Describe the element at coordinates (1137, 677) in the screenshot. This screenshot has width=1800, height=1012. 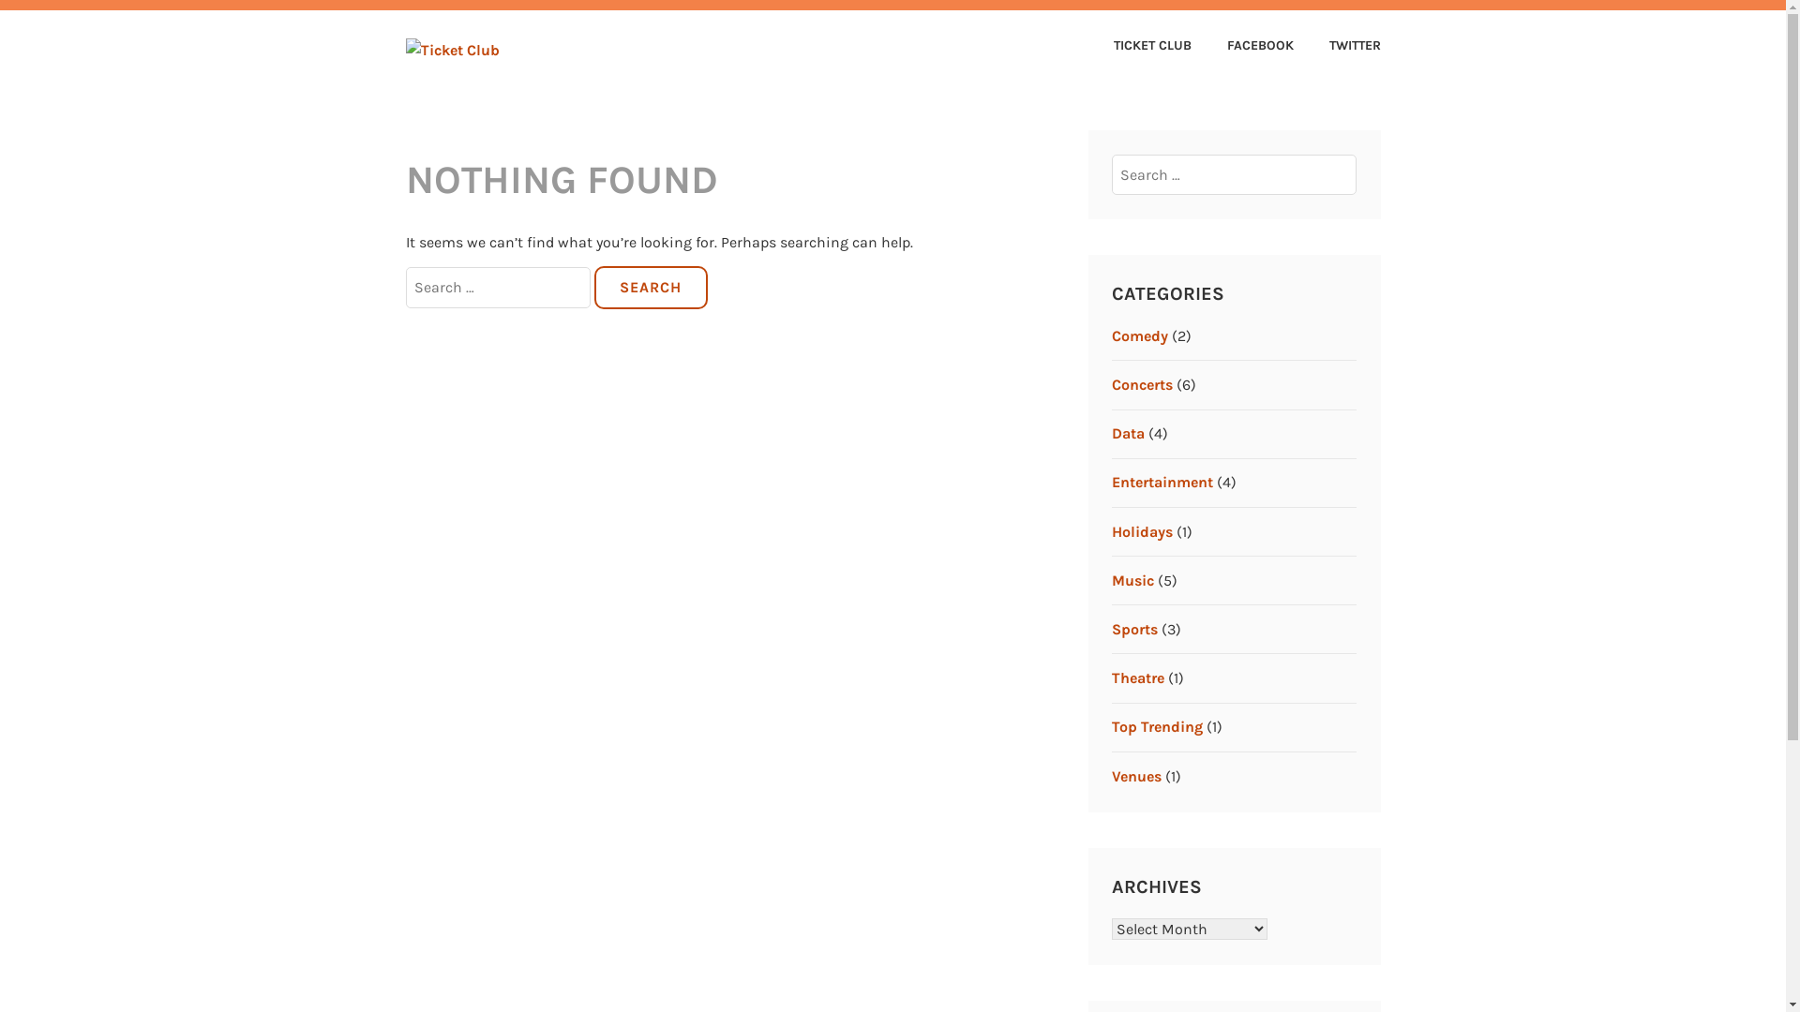
I see `'Theatre'` at that location.